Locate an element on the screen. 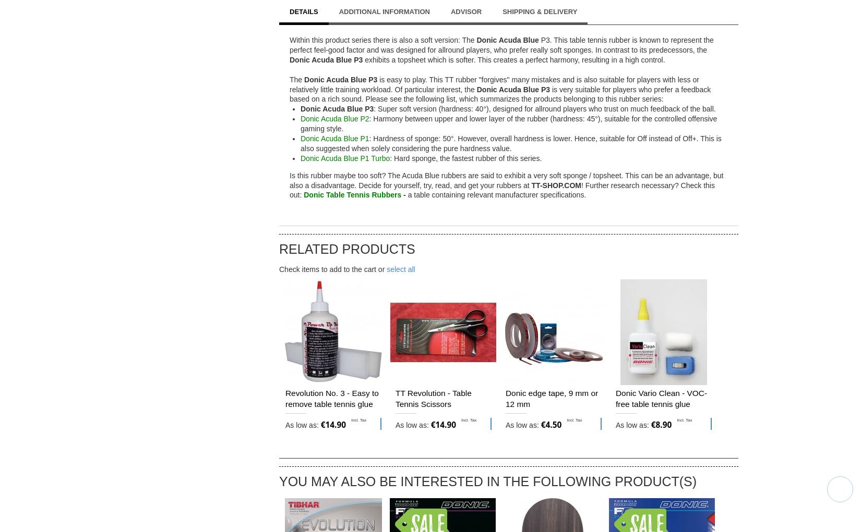  '€8.90' is located at coordinates (661, 424).